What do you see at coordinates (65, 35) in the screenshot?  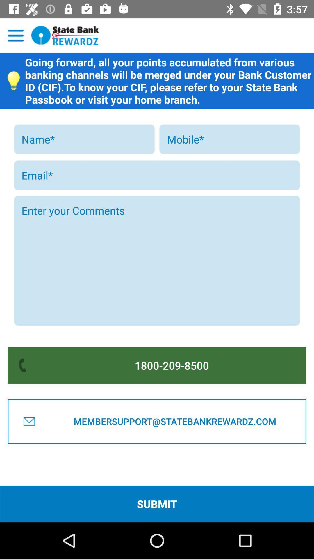 I see `state bank logo` at bounding box center [65, 35].